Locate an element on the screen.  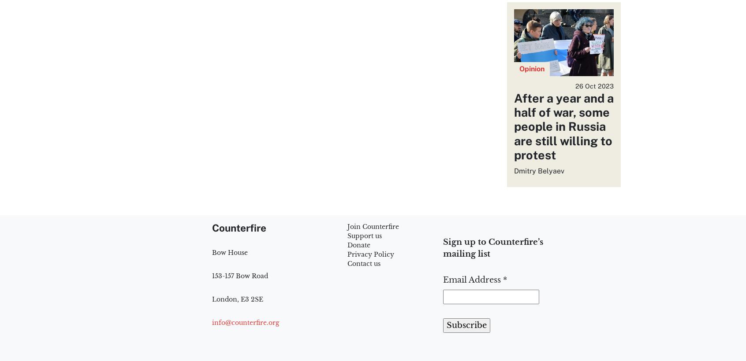
'Donate' is located at coordinates (358, 244).